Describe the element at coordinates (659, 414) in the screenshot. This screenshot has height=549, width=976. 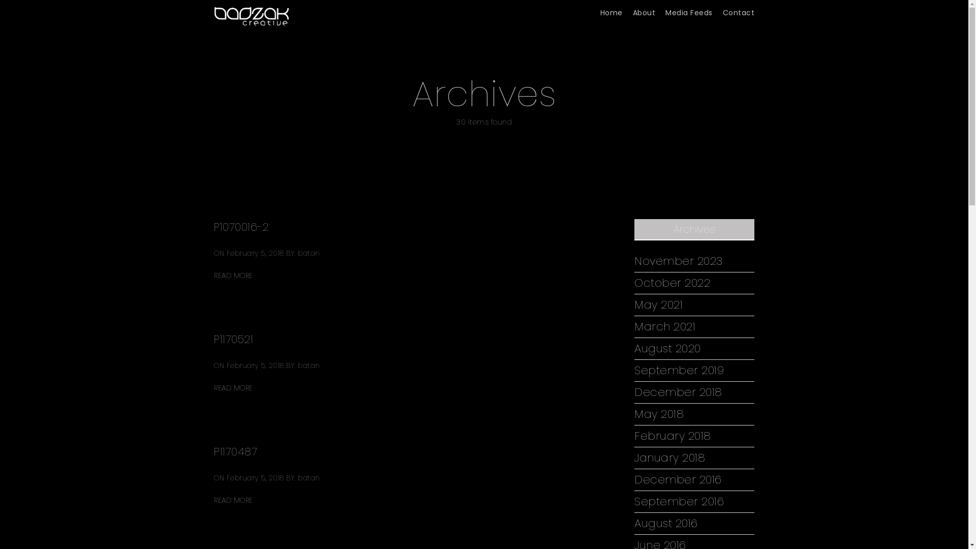
I see `'May 2018'` at that location.